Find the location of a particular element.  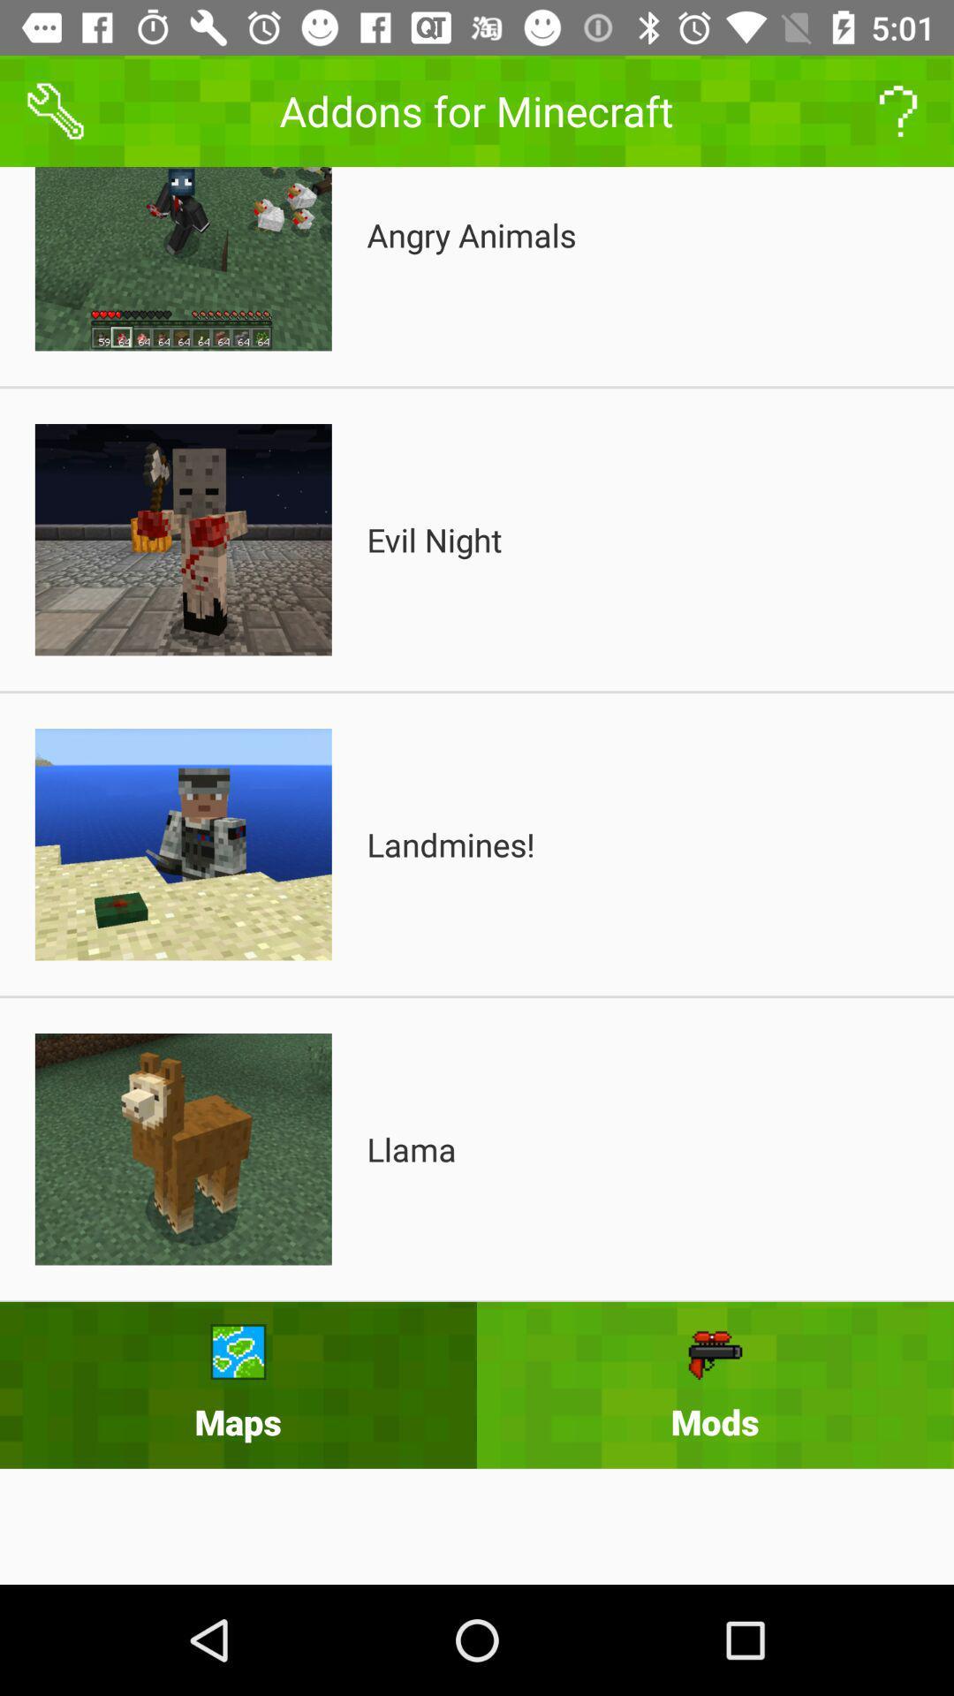

llama icon is located at coordinates (412, 1149).